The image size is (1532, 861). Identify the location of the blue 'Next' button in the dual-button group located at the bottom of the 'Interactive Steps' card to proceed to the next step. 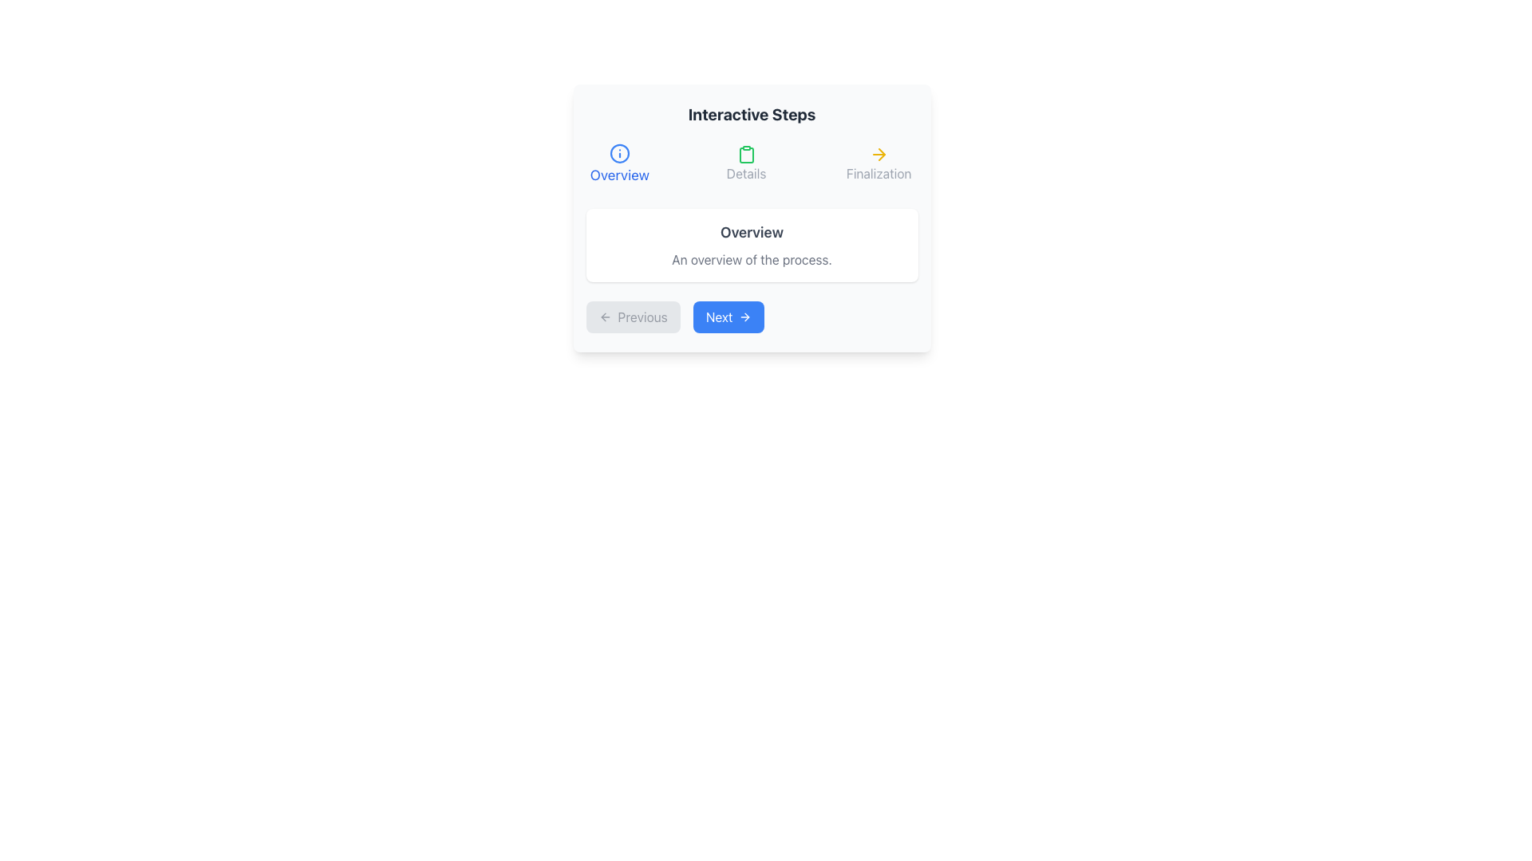
(751, 316).